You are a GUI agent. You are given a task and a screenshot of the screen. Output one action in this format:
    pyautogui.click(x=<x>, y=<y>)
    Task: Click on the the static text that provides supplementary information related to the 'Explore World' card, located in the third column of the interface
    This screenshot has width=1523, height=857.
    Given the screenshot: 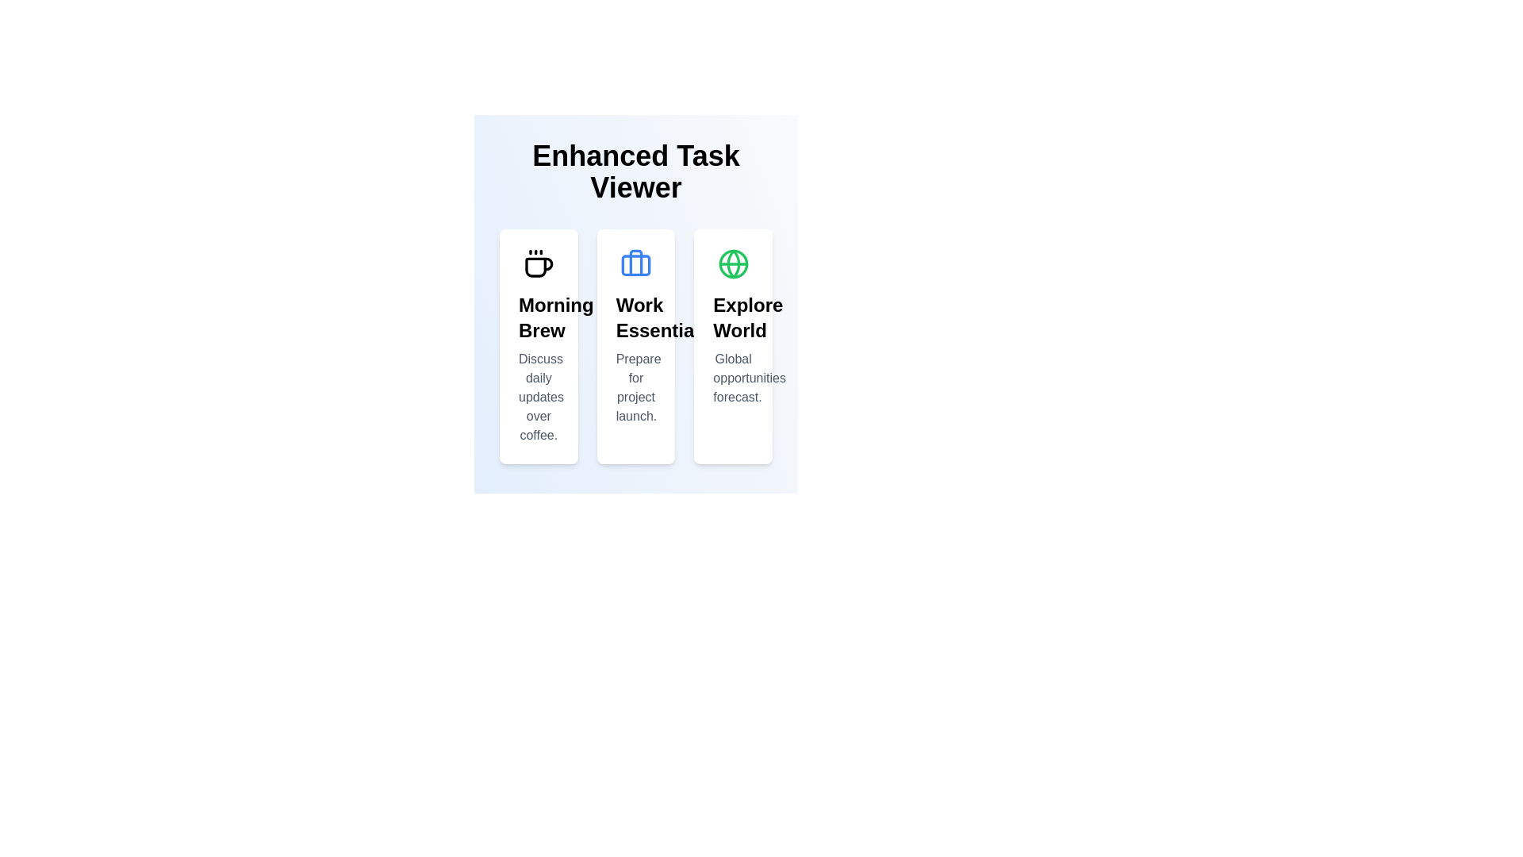 What is the action you would take?
    pyautogui.click(x=732, y=379)
    